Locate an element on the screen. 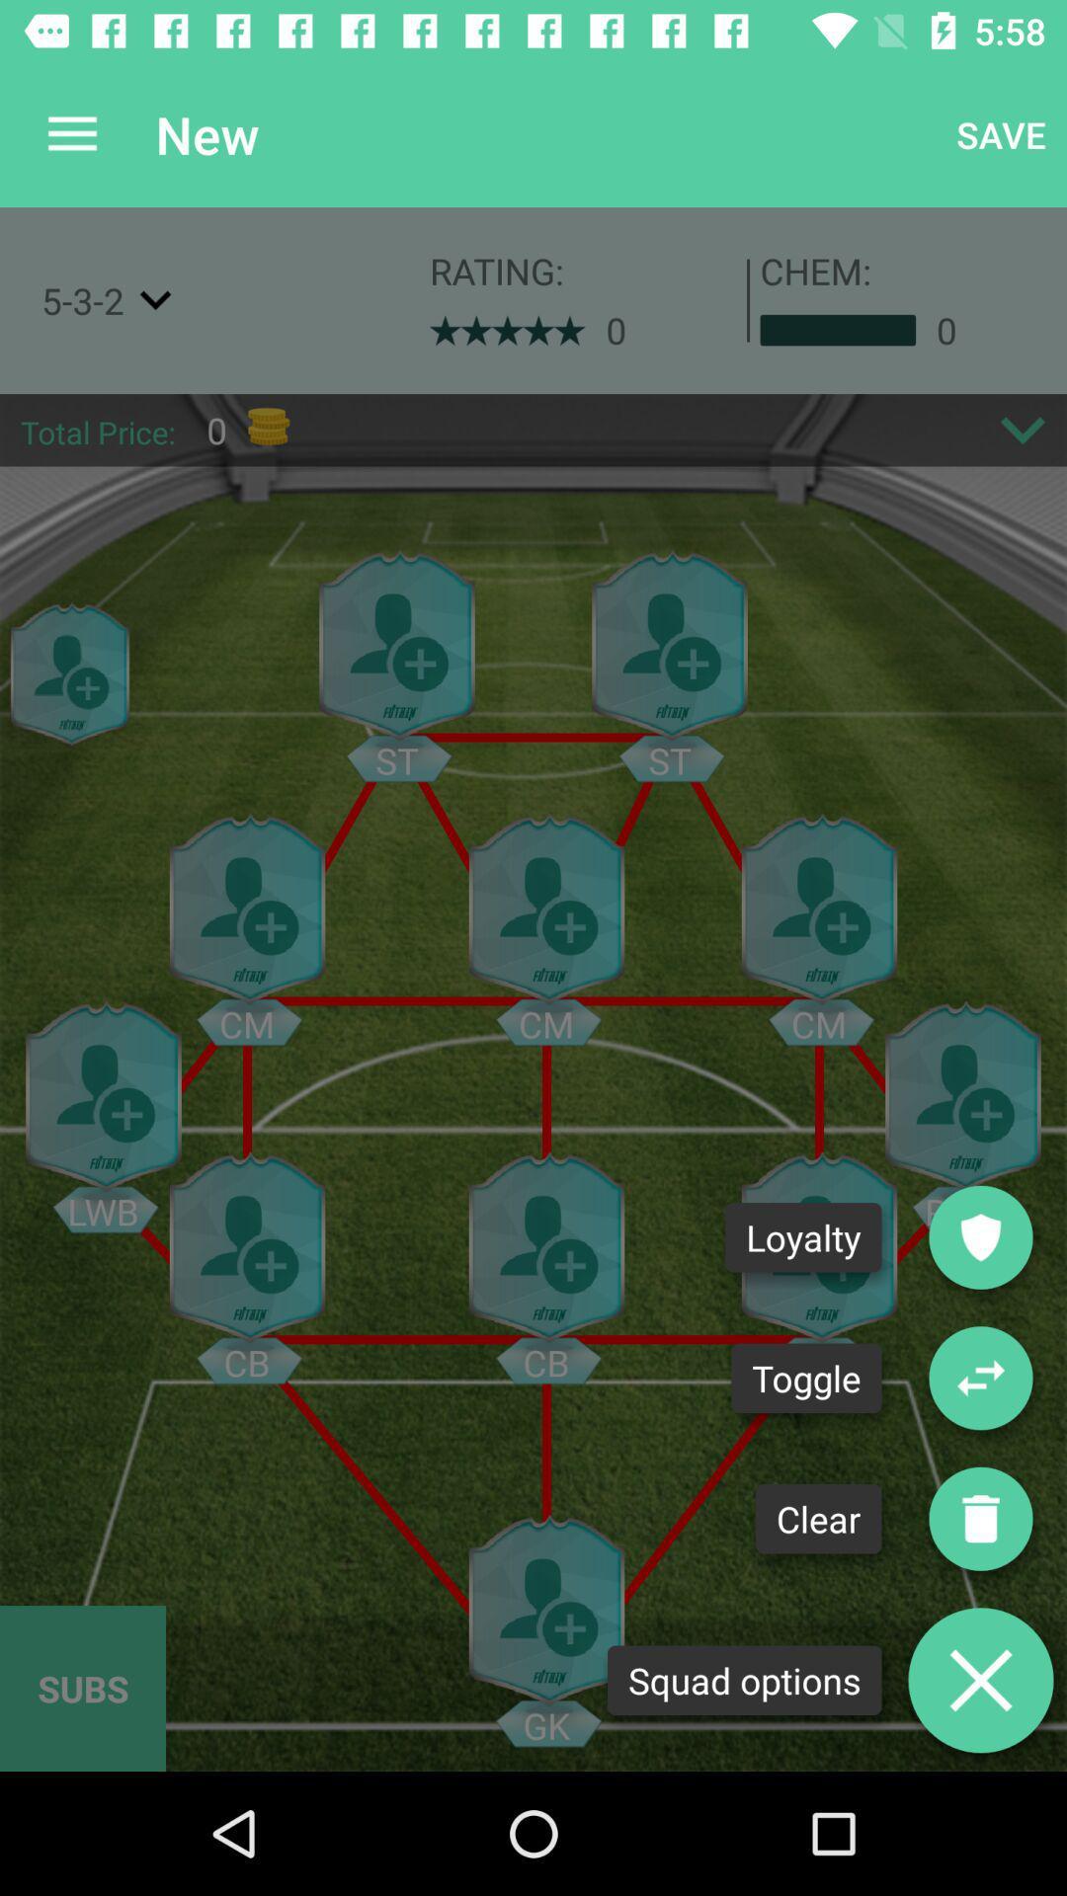  delete option is located at coordinates (980, 1679).